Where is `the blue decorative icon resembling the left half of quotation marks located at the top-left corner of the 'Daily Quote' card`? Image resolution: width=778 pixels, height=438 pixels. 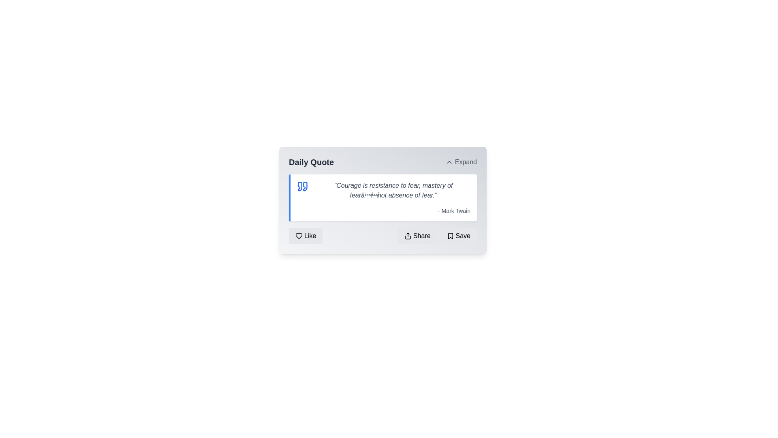 the blue decorative icon resembling the left half of quotation marks located at the top-left corner of the 'Daily Quote' card is located at coordinates (299, 186).